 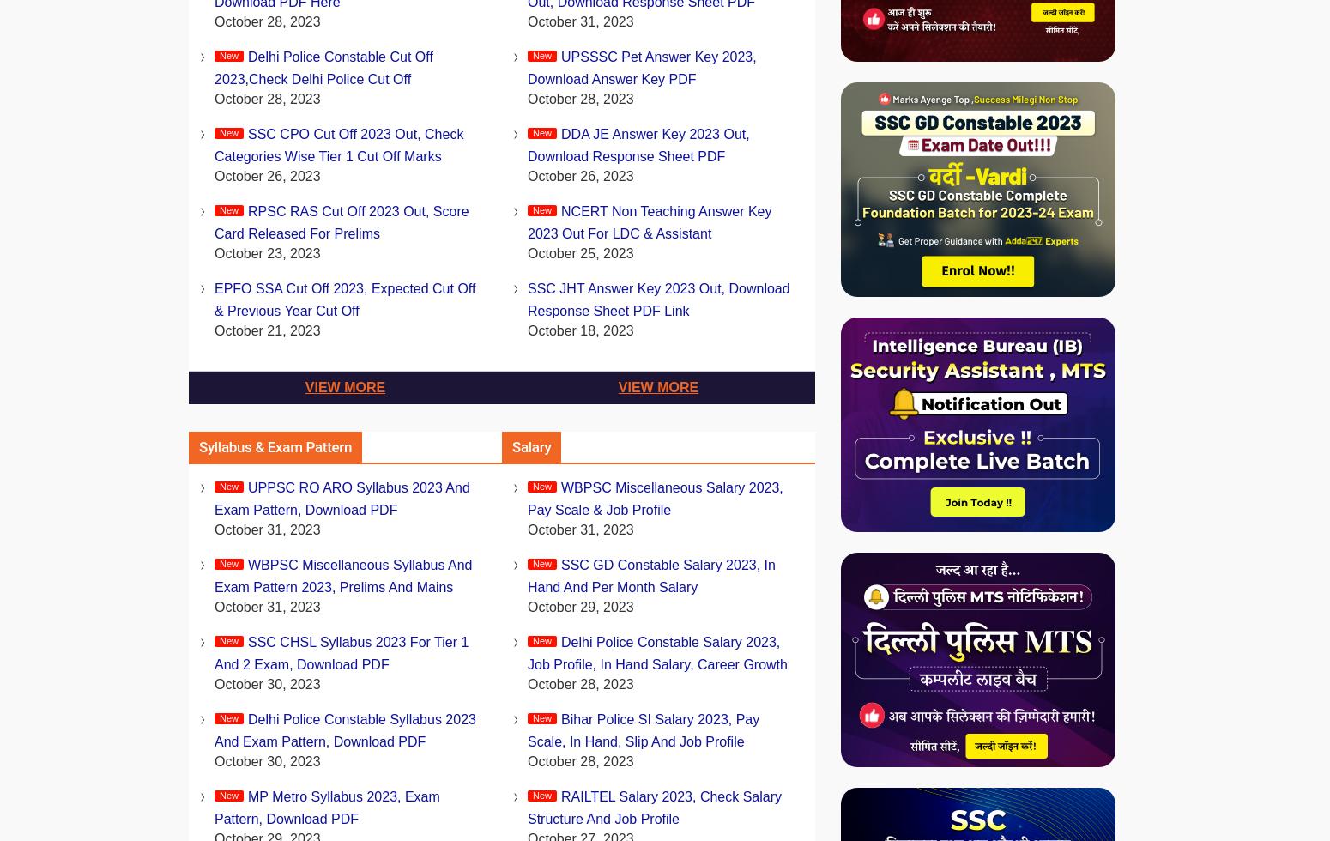 What do you see at coordinates (266, 330) in the screenshot?
I see `'October 21, 2023'` at bounding box center [266, 330].